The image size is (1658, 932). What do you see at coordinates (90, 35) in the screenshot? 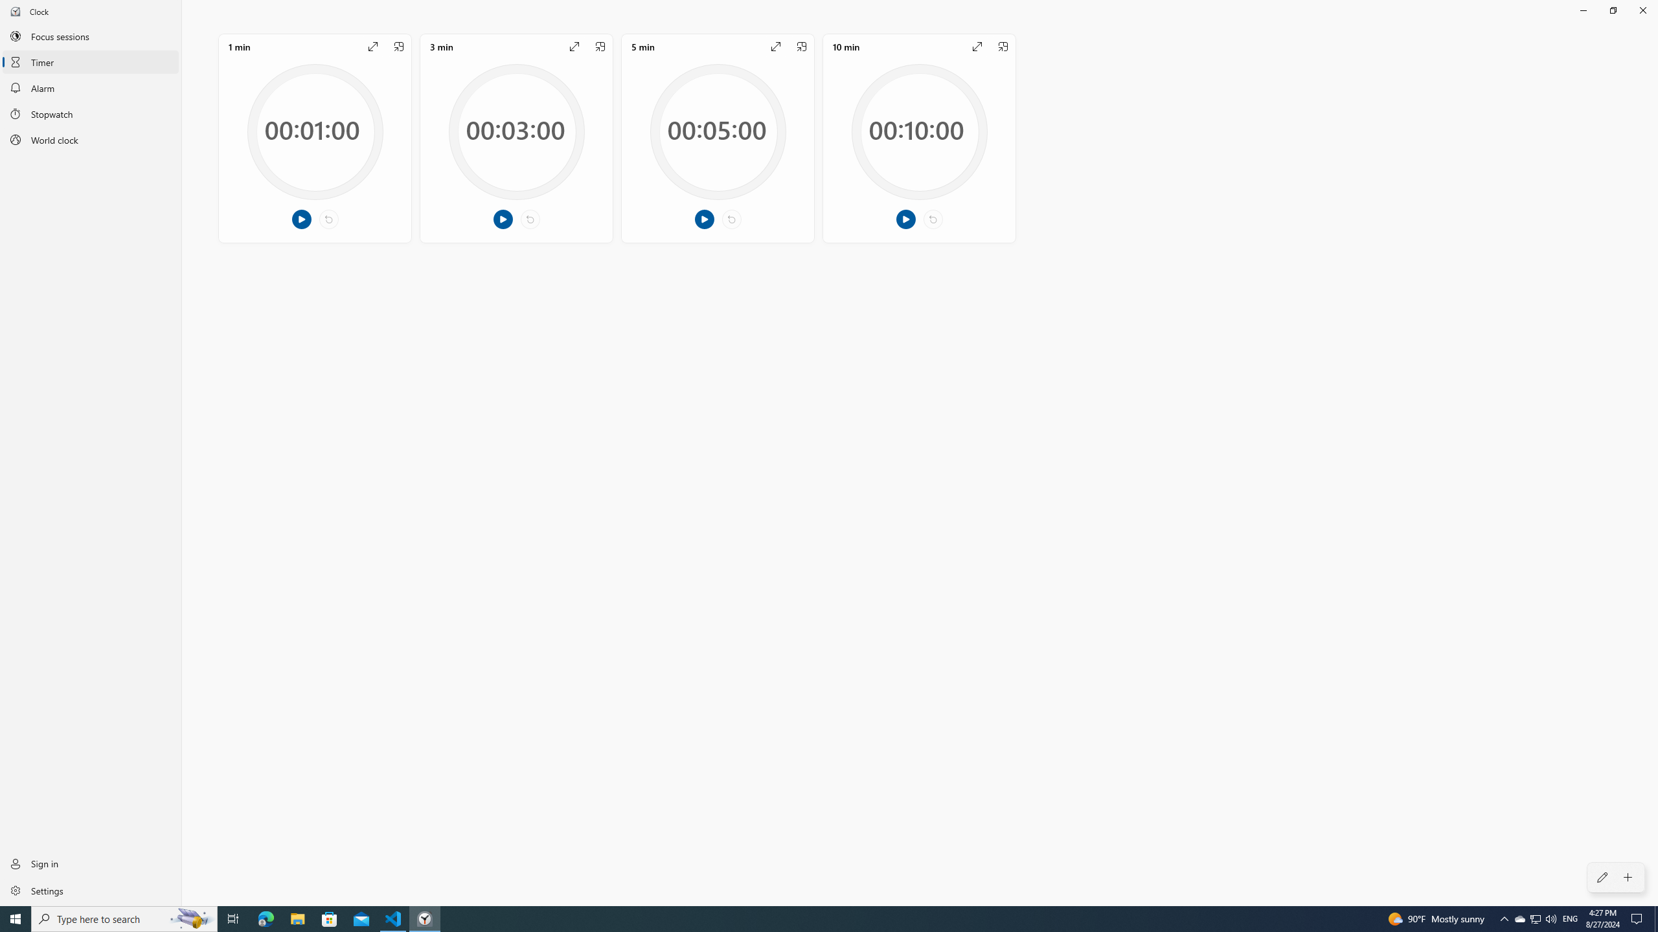
I see `'Focus sessions'` at bounding box center [90, 35].